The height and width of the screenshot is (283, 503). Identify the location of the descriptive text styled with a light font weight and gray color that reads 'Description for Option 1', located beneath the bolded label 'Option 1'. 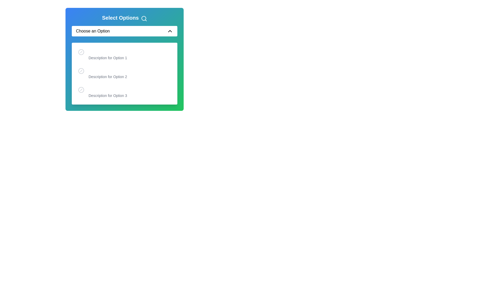
(107, 55).